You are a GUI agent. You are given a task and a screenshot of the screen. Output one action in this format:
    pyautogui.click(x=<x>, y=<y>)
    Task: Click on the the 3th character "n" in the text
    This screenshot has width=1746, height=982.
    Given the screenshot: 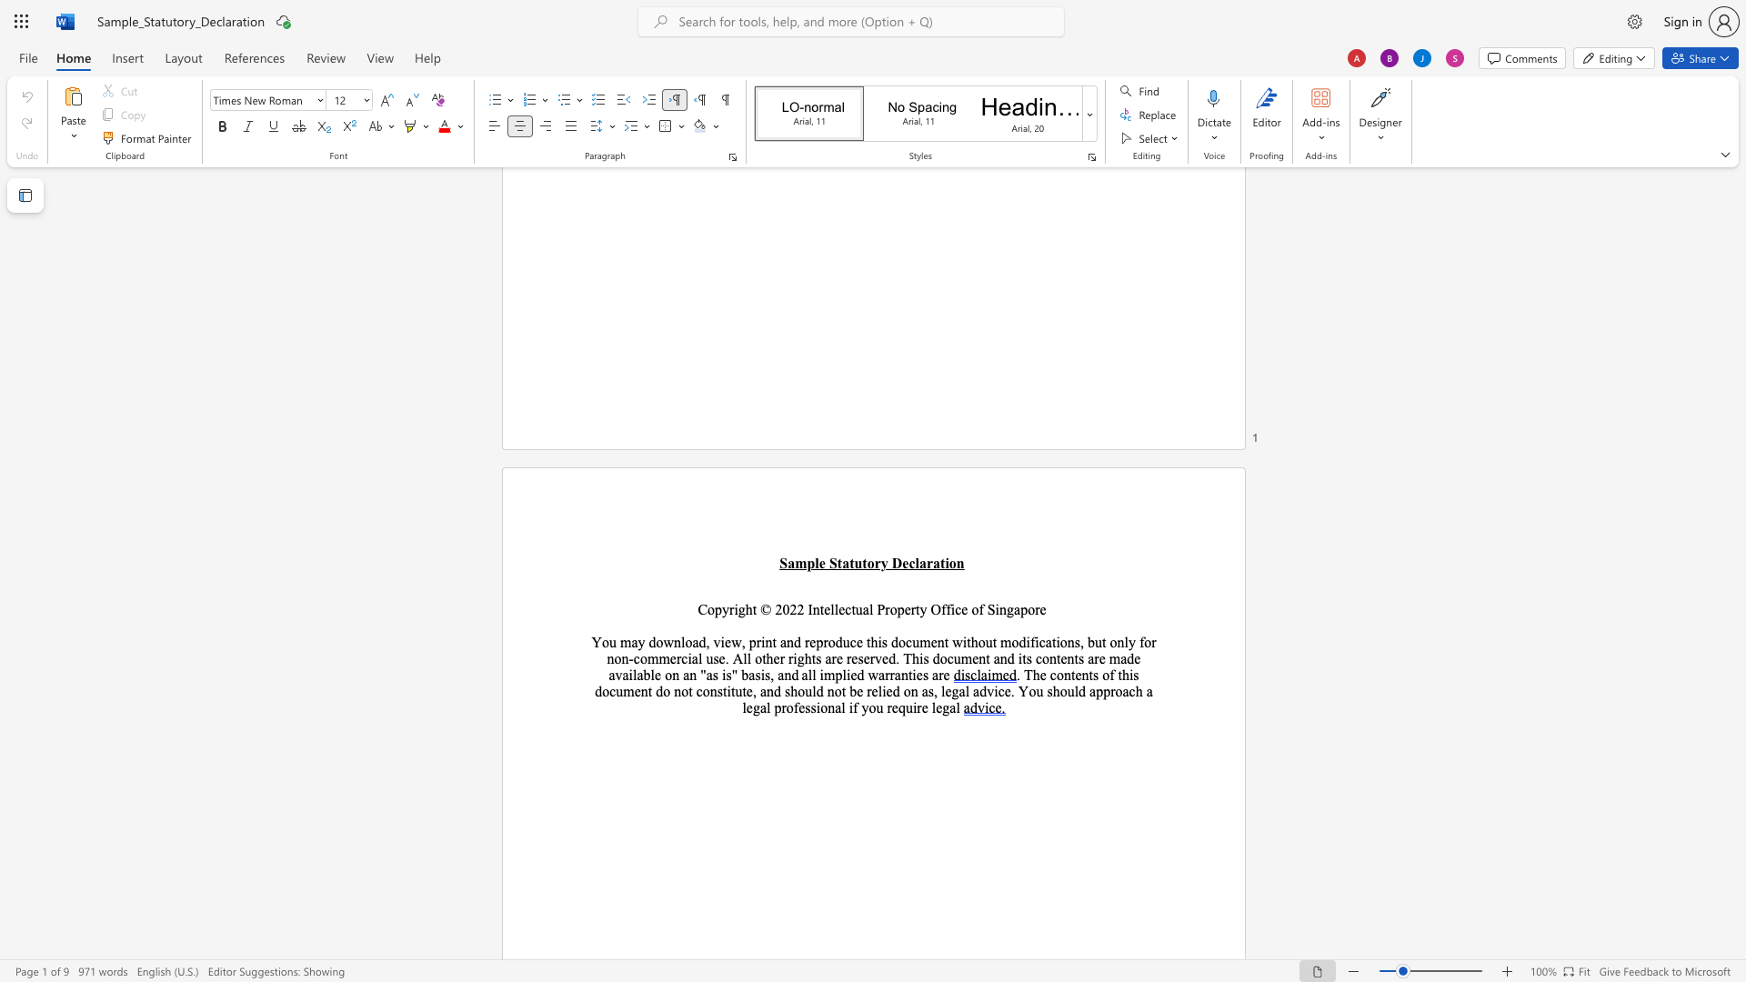 What is the action you would take?
    pyautogui.click(x=644, y=691)
    